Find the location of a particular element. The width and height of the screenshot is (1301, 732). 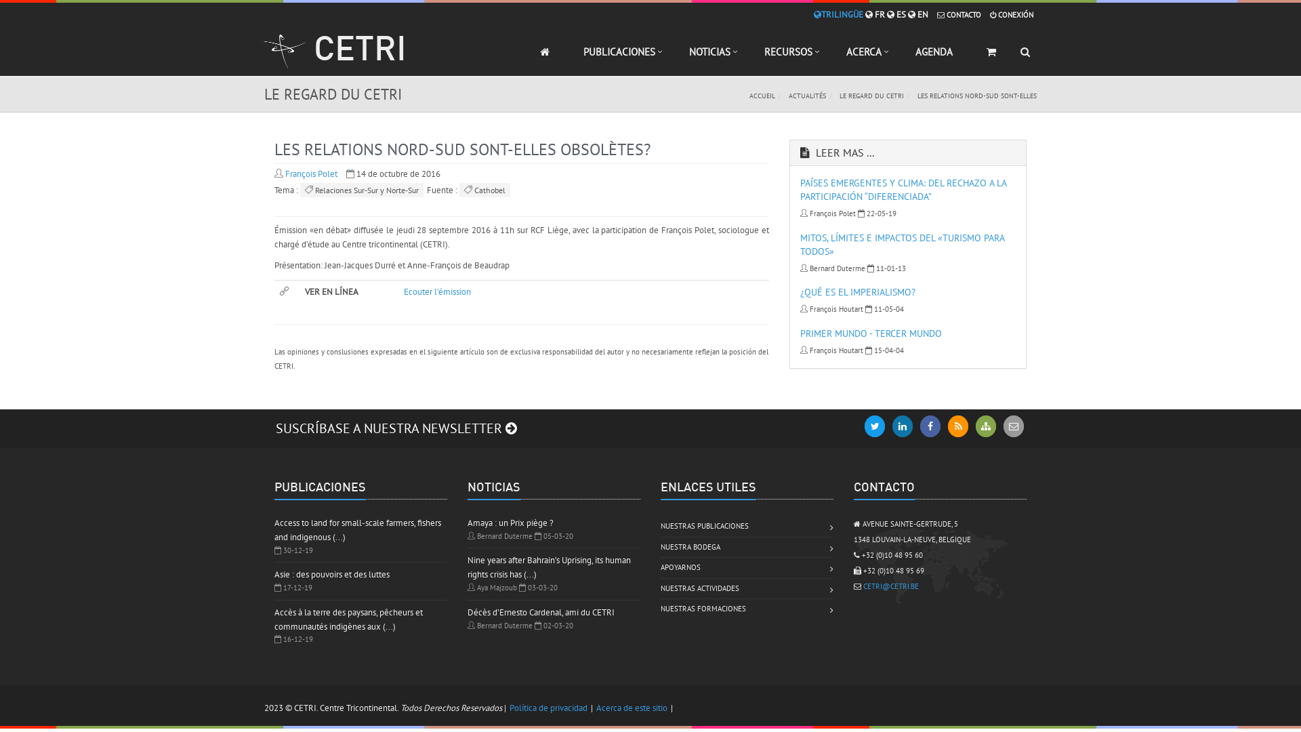

'CETRI' is located at coordinates (333, 54).